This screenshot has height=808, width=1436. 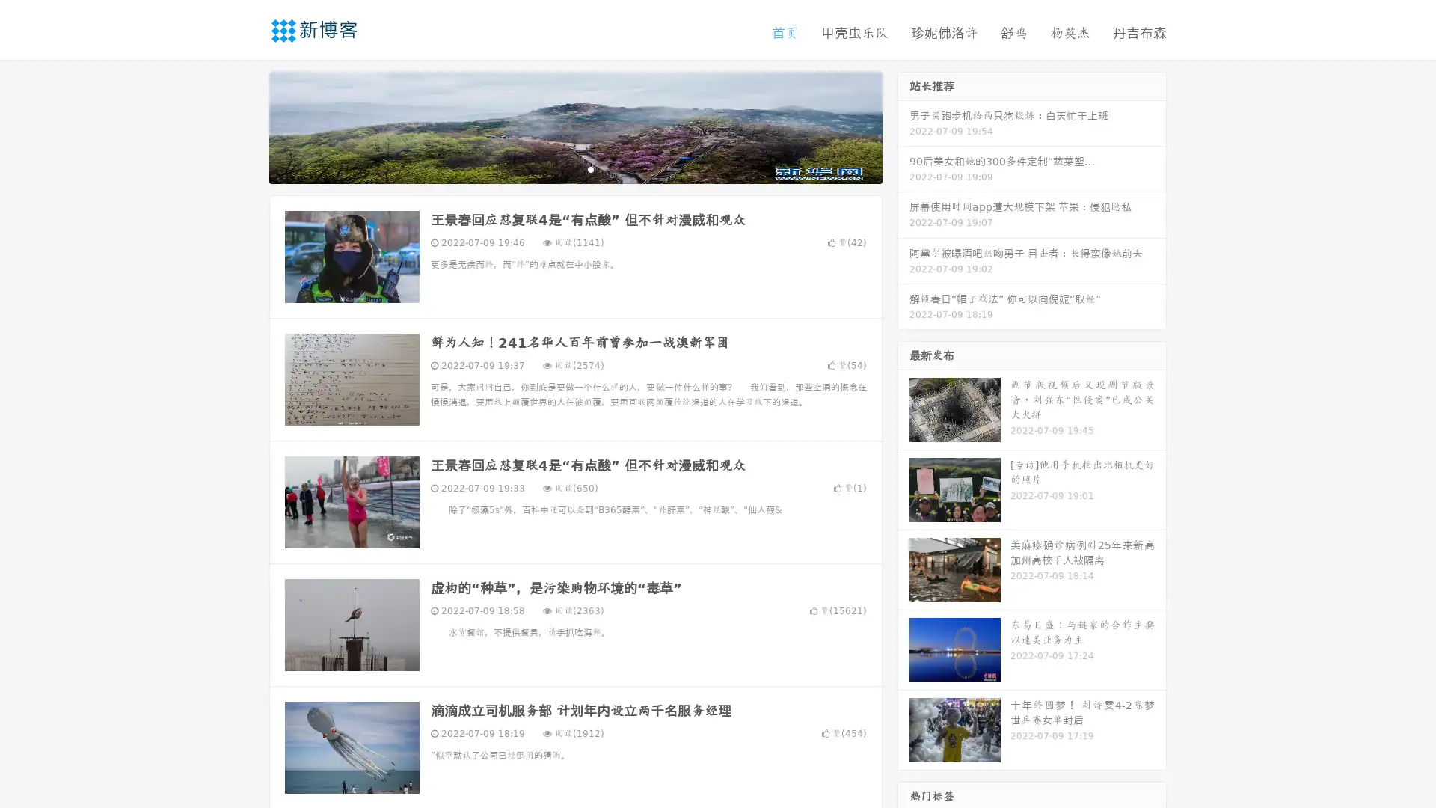 What do you see at coordinates (574, 168) in the screenshot?
I see `Go to slide 2` at bounding box center [574, 168].